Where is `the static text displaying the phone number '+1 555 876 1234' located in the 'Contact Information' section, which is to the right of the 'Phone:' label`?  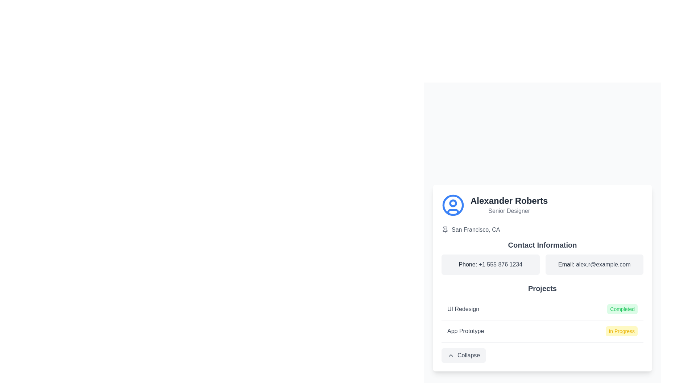 the static text displaying the phone number '+1 555 876 1234' located in the 'Contact Information' section, which is to the right of the 'Phone:' label is located at coordinates (500, 264).